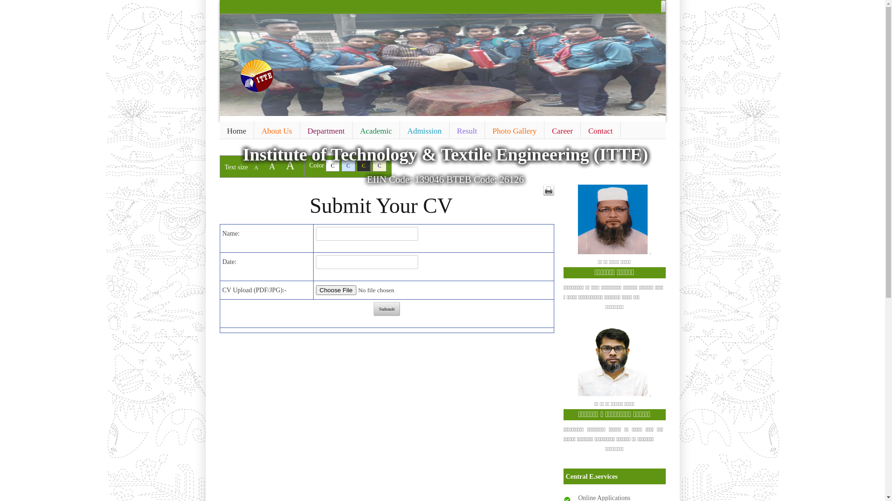 This screenshot has height=501, width=892. Describe the element at coordinates (236, 131) in the screenshot. I see `'Home'` at that location.